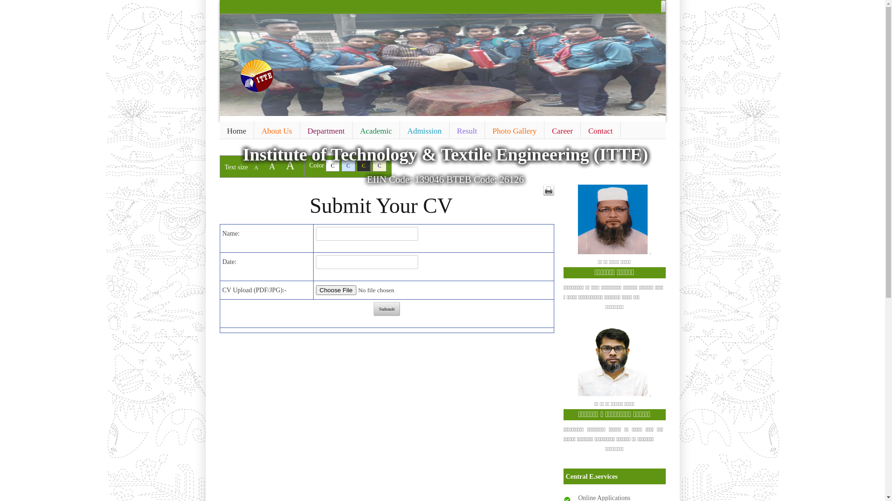 This screenshot has height=501, width=892. Describe the element at coordinates (236, 131) in the screenshot. I see `'Home'` at that location.